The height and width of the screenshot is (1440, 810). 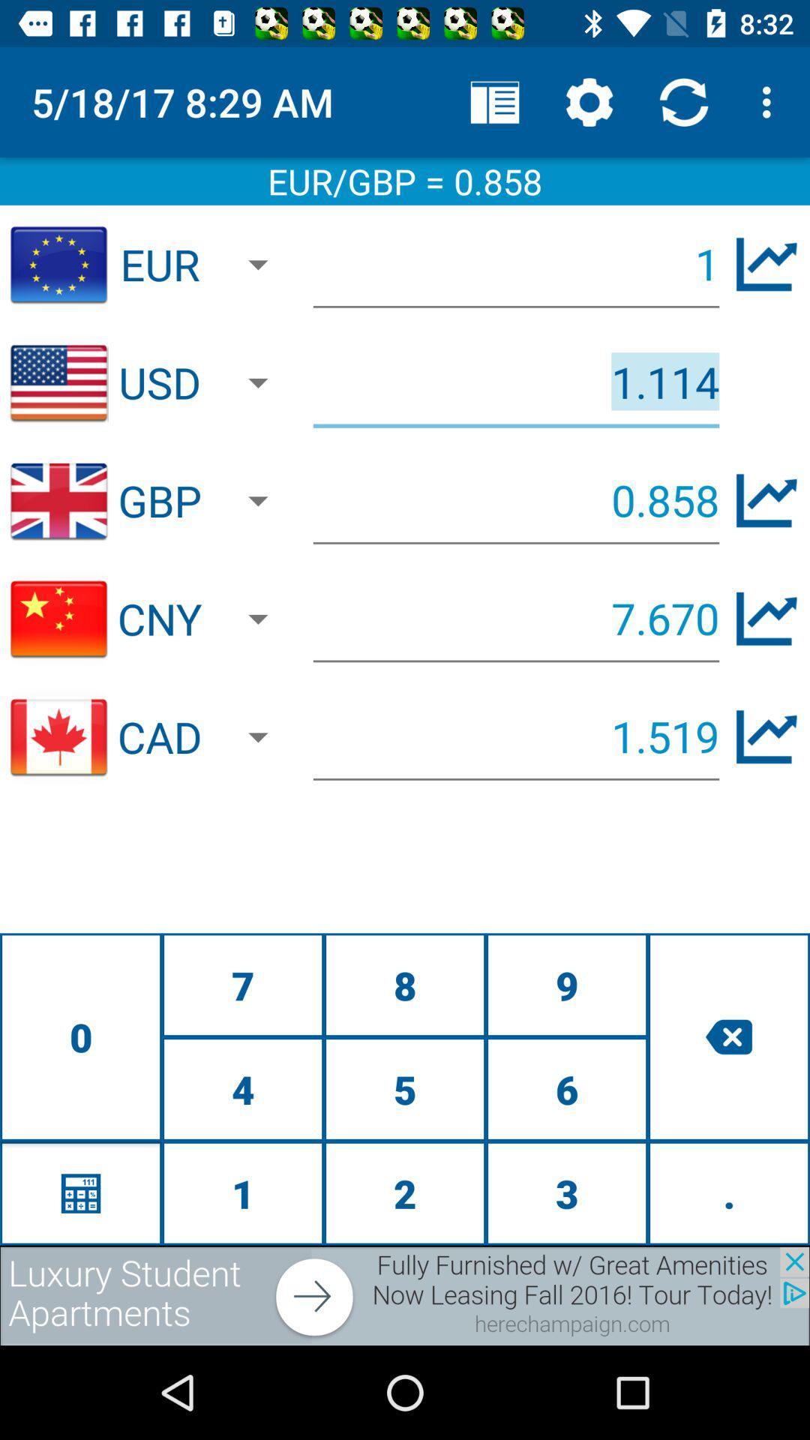 What do you see at coordinates (766, 736) in the screenshot?
I see `graph option` at bounding box center [766, 736].